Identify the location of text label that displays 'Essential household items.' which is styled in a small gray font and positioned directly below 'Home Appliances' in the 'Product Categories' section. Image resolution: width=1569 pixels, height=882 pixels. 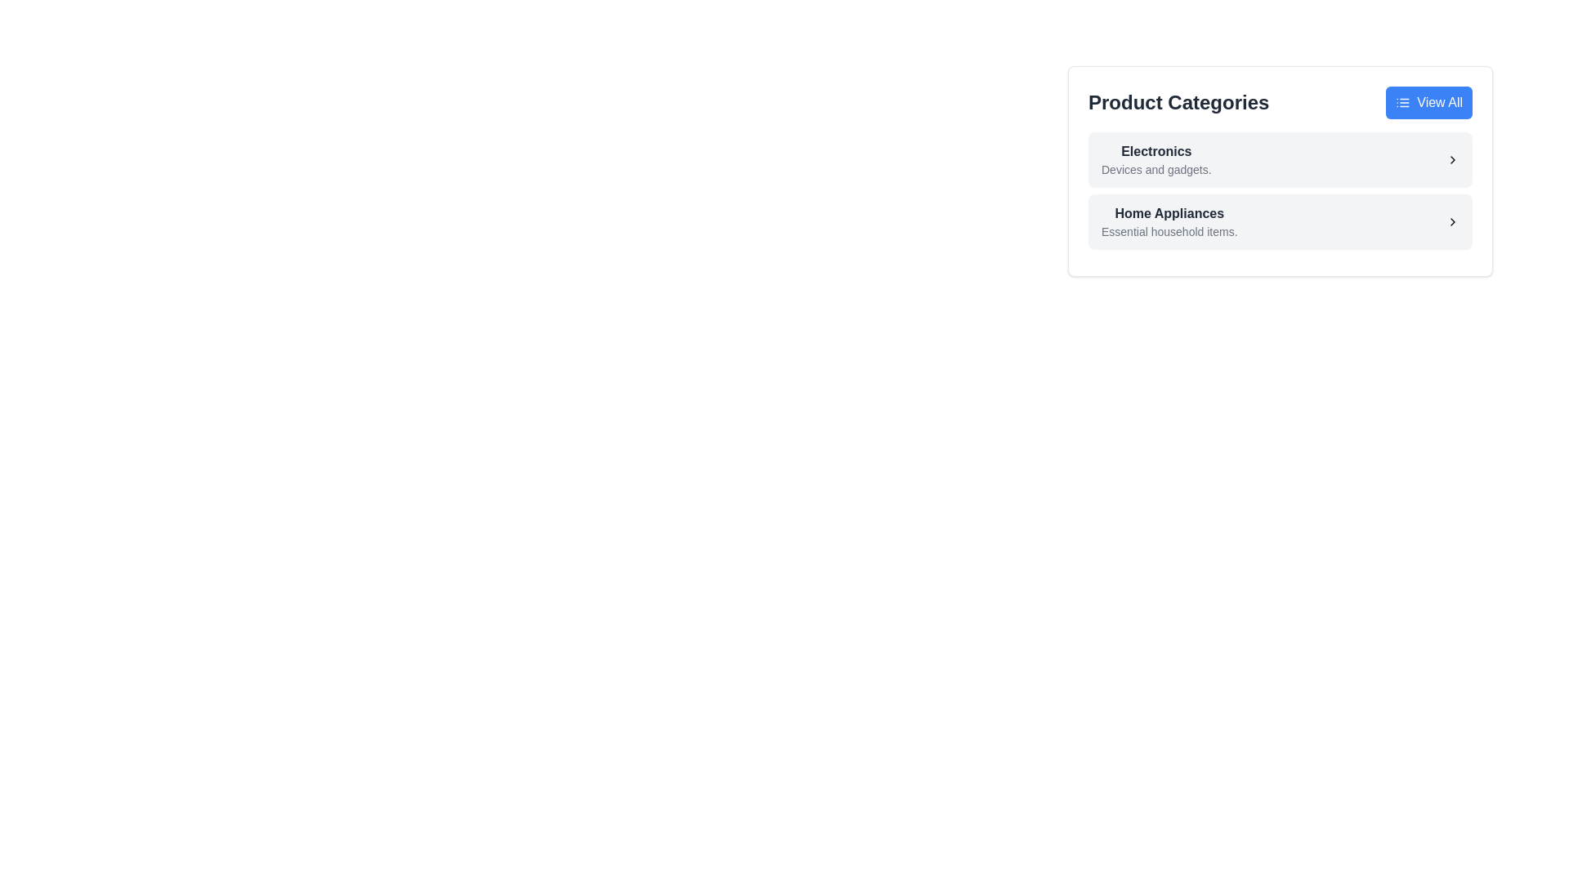
(1169, 232).